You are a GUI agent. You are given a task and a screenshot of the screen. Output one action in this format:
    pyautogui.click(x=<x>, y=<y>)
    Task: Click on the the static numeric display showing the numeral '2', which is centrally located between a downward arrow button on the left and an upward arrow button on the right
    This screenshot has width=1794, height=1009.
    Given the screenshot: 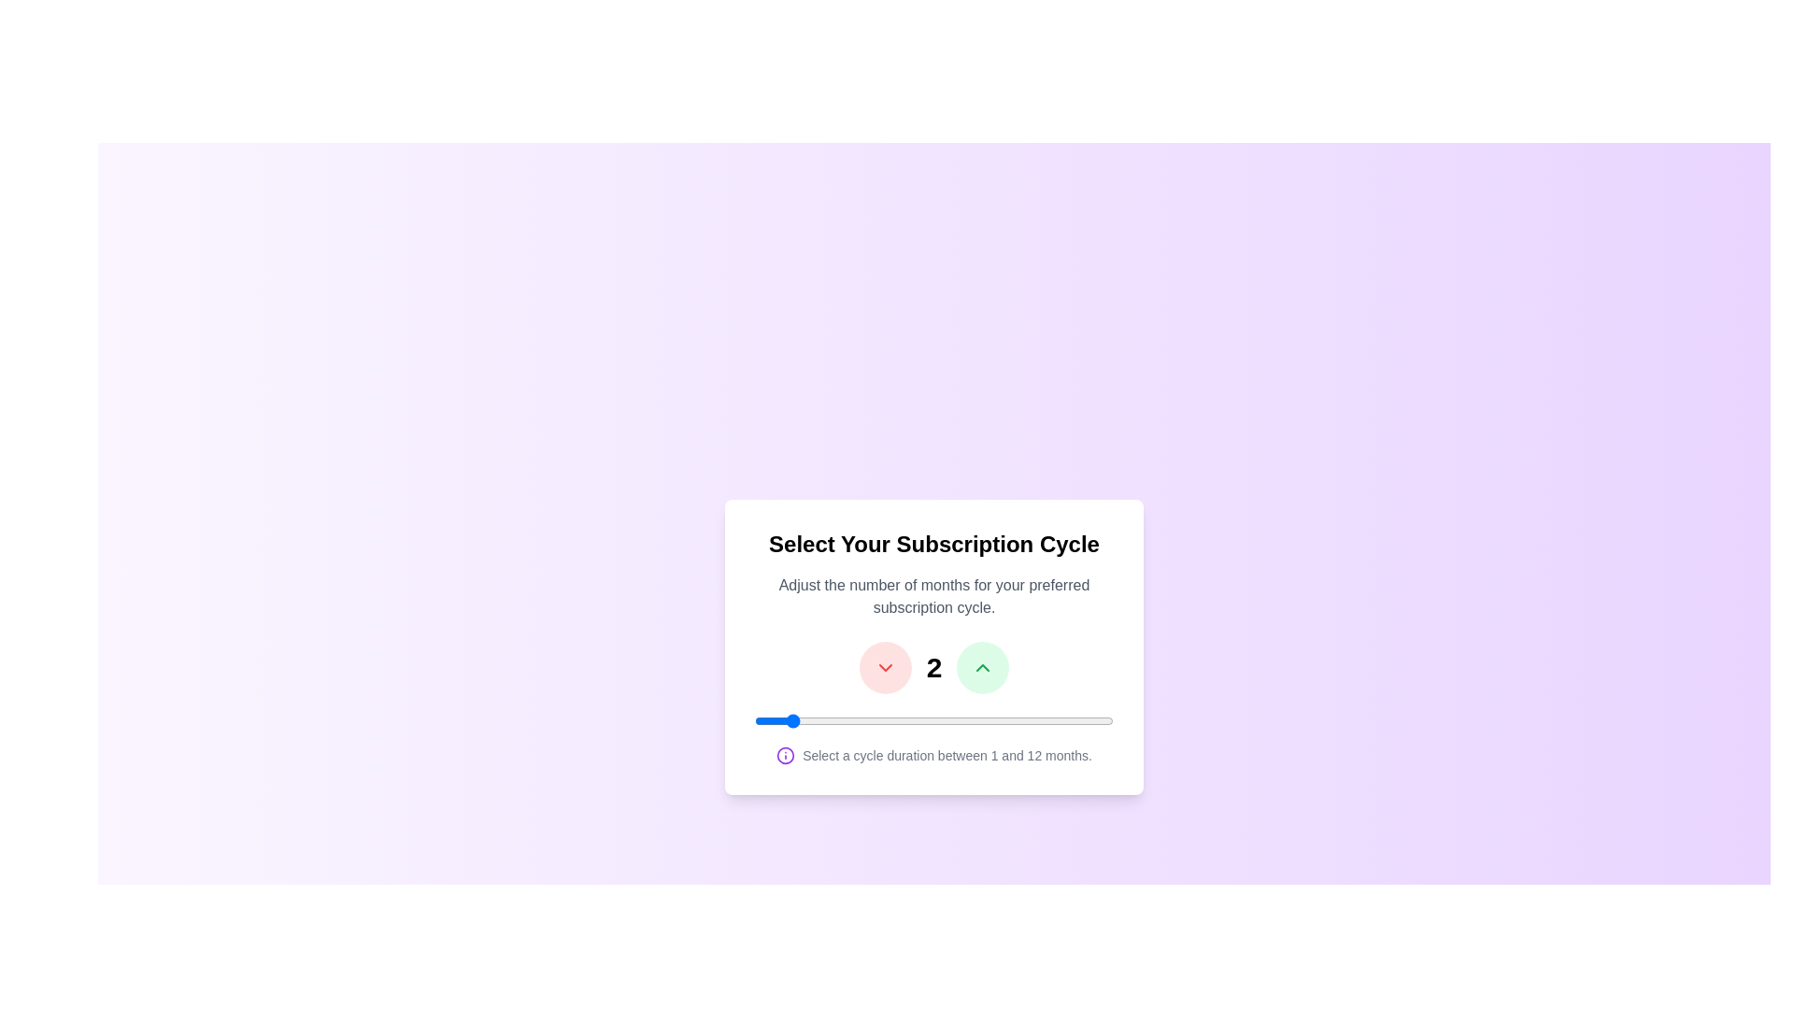 What is the action you would take?
    pyautogui.click(x=933, y=666)
    